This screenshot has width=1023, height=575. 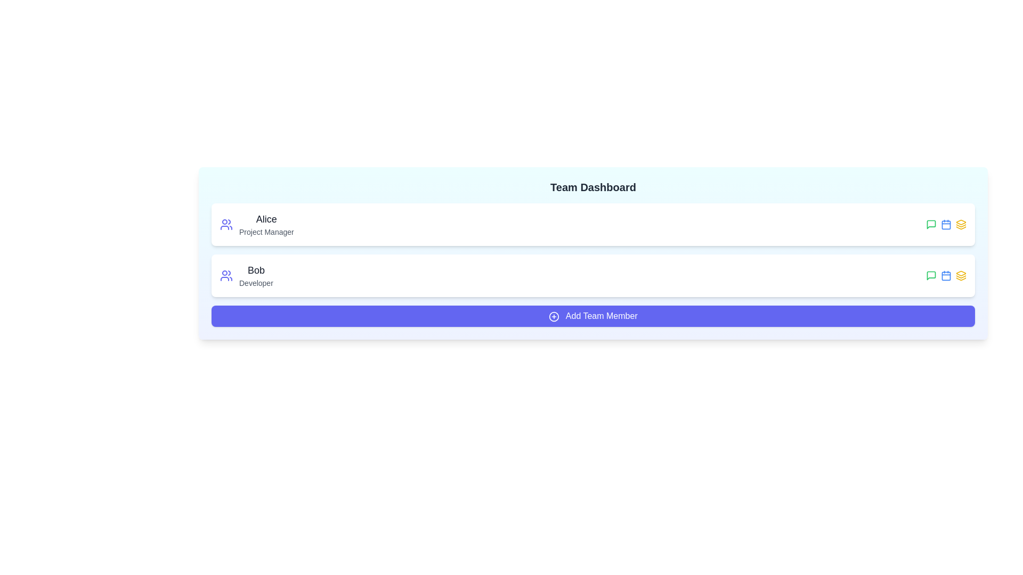 I want to click on the text label displaying 'Developer' in gray font, located beneath 'Bob' in the second card from the top, so click(x=256, y=283).